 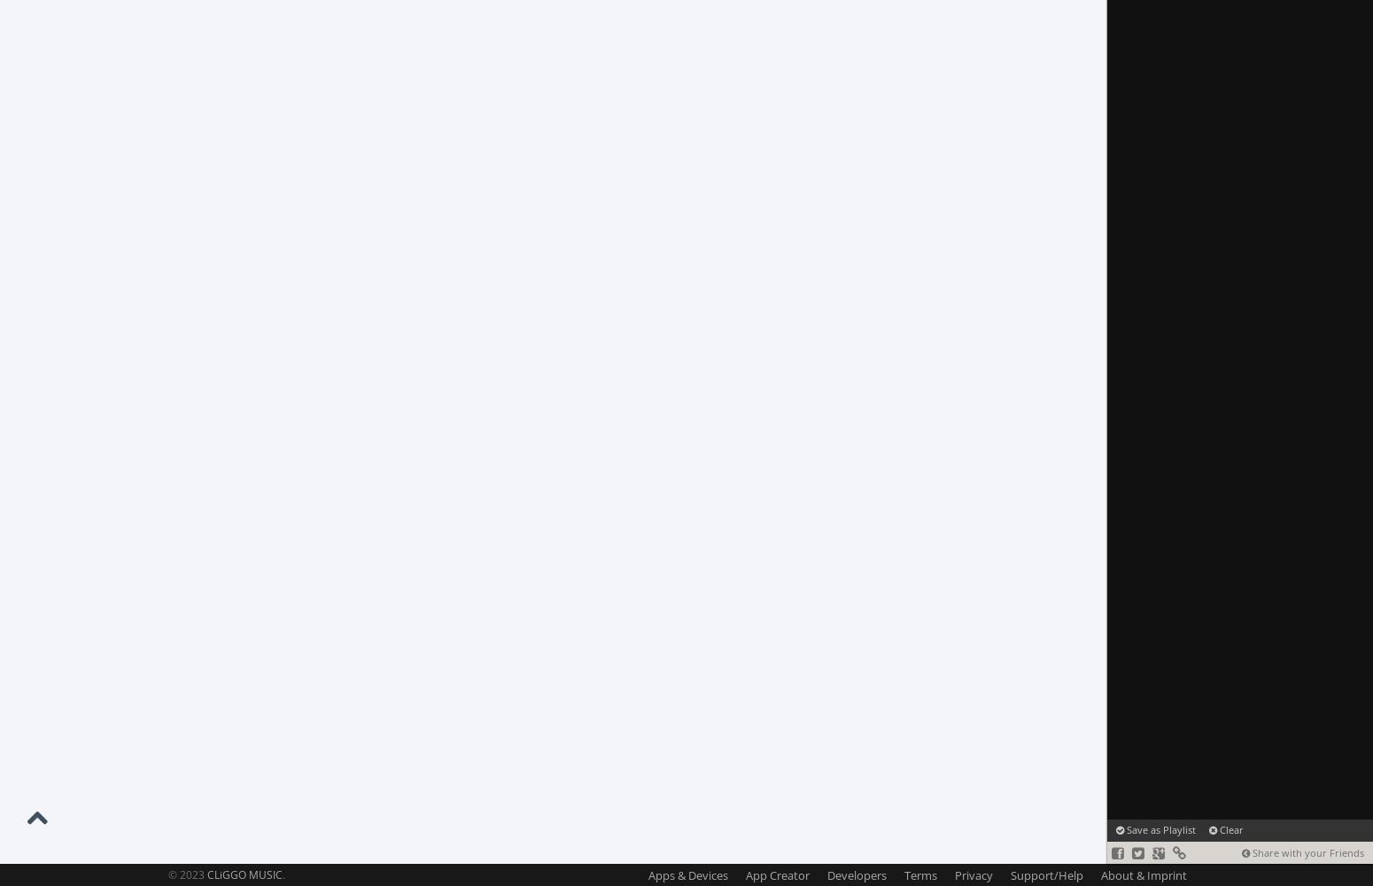 I want to click on 'Share with your Friends', so click(x=1307, y=851).